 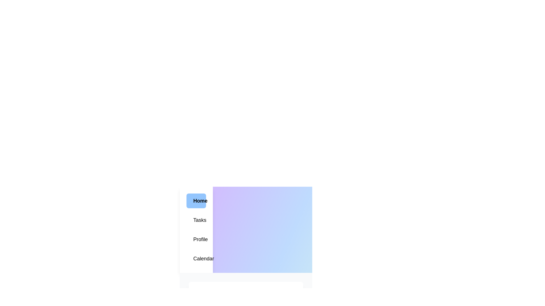 I want to click on the Home tab in the menu, so click(x=196, y=201).